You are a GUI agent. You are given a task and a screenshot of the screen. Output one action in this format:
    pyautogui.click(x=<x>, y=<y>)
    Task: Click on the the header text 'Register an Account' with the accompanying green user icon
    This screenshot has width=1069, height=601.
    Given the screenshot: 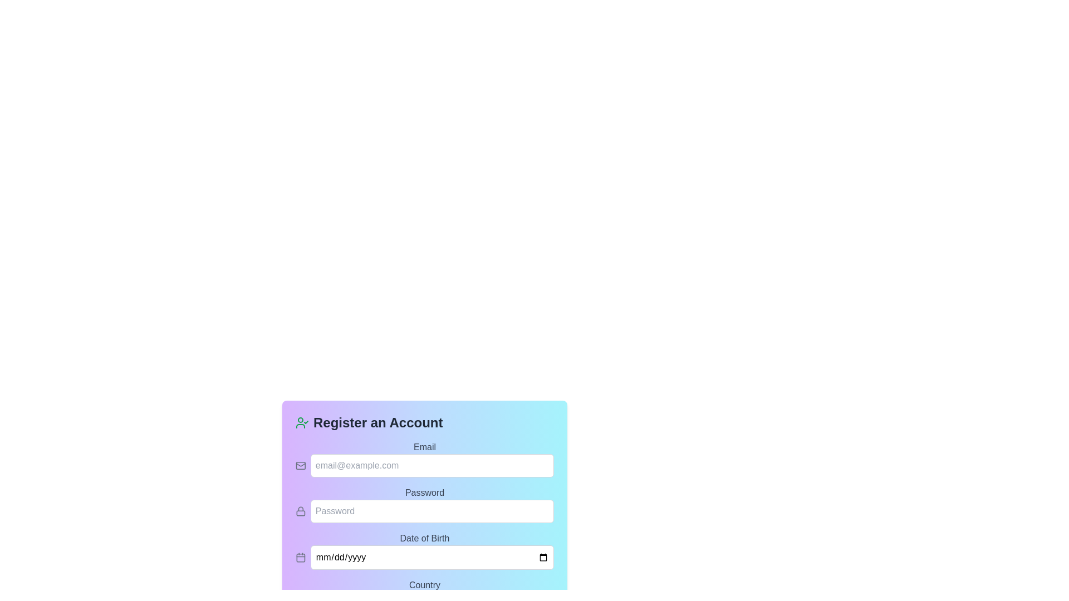 What is the action you would take?
    pyautogui.click(x=424, y=422)
    